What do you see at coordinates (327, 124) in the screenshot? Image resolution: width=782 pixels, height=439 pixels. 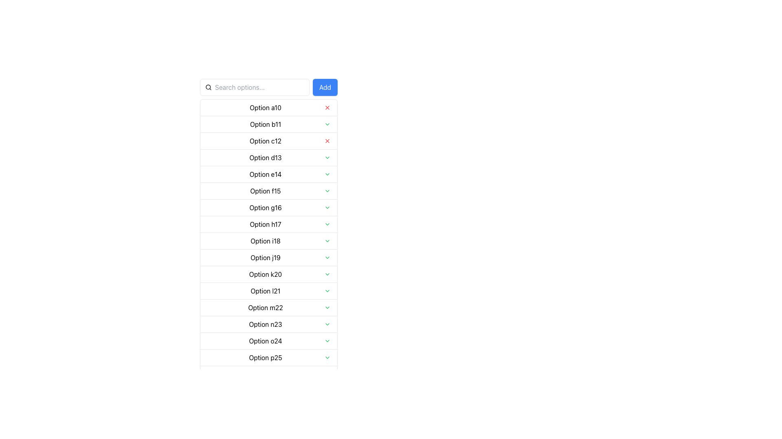 I see `the green downward chevron icon located next to the text 'Option b11'` at bounding box center [327, 124].